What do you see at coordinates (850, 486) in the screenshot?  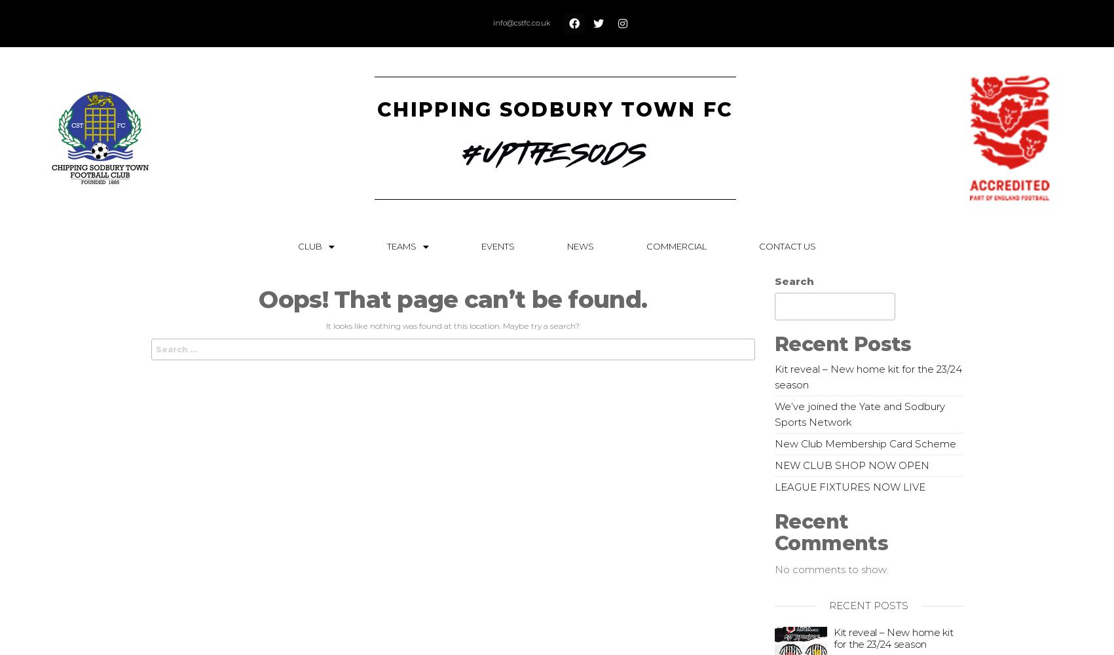 I see `'LEAGUE FIXTURES NOW LIVE'` at bounding box center [850, 486].